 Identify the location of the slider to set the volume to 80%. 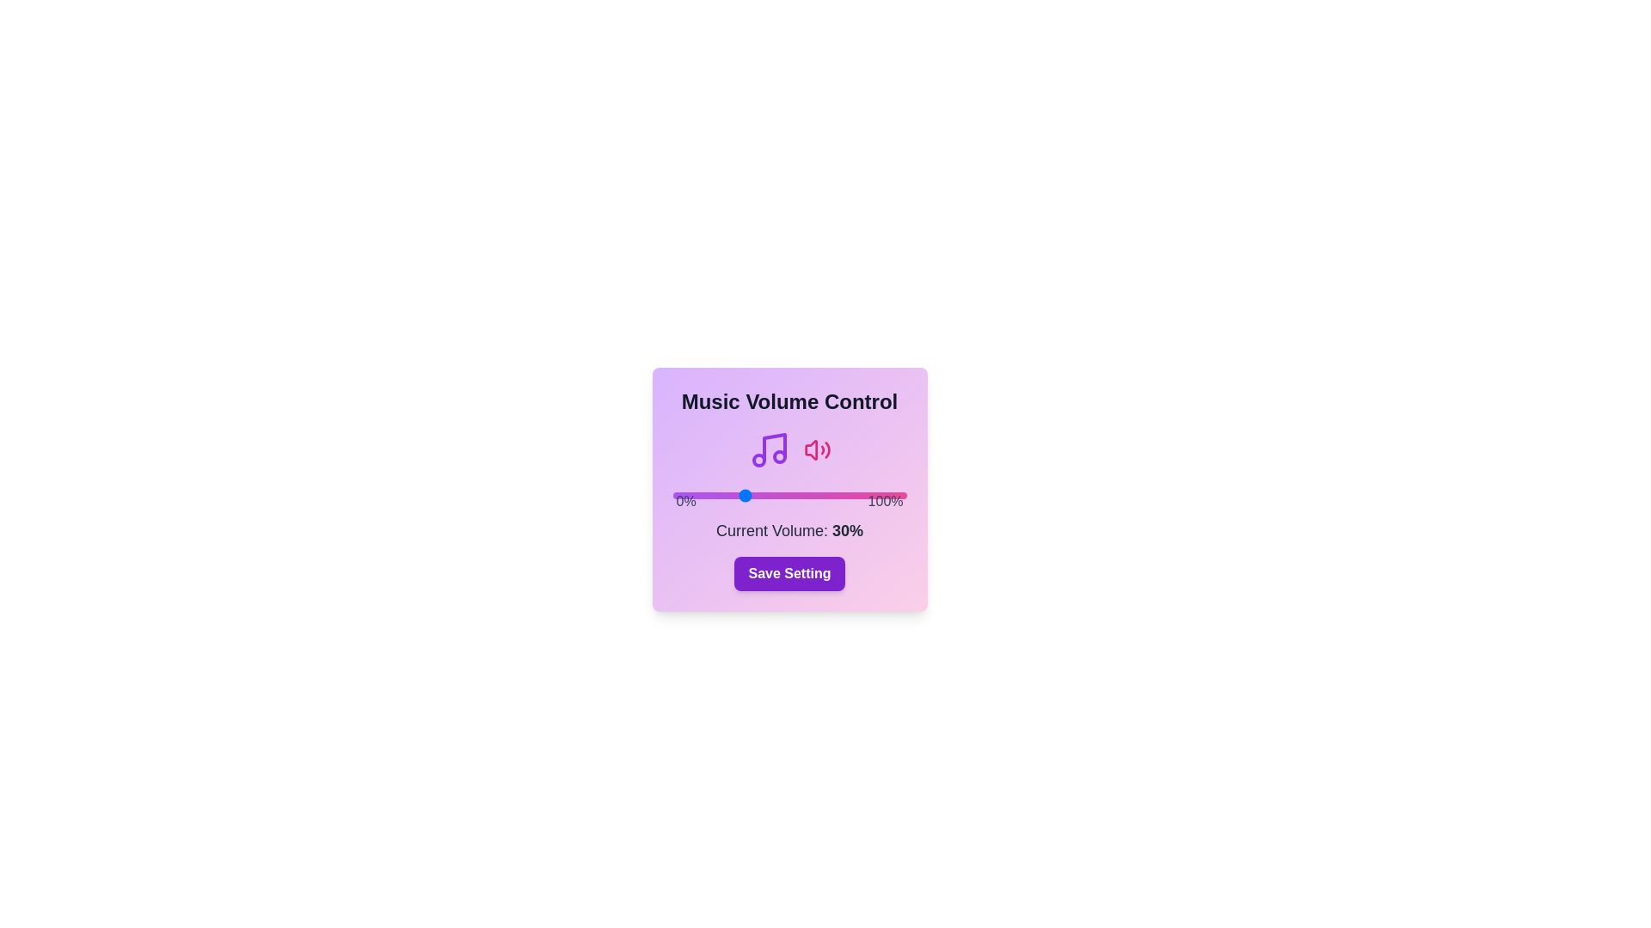
(860, 496).